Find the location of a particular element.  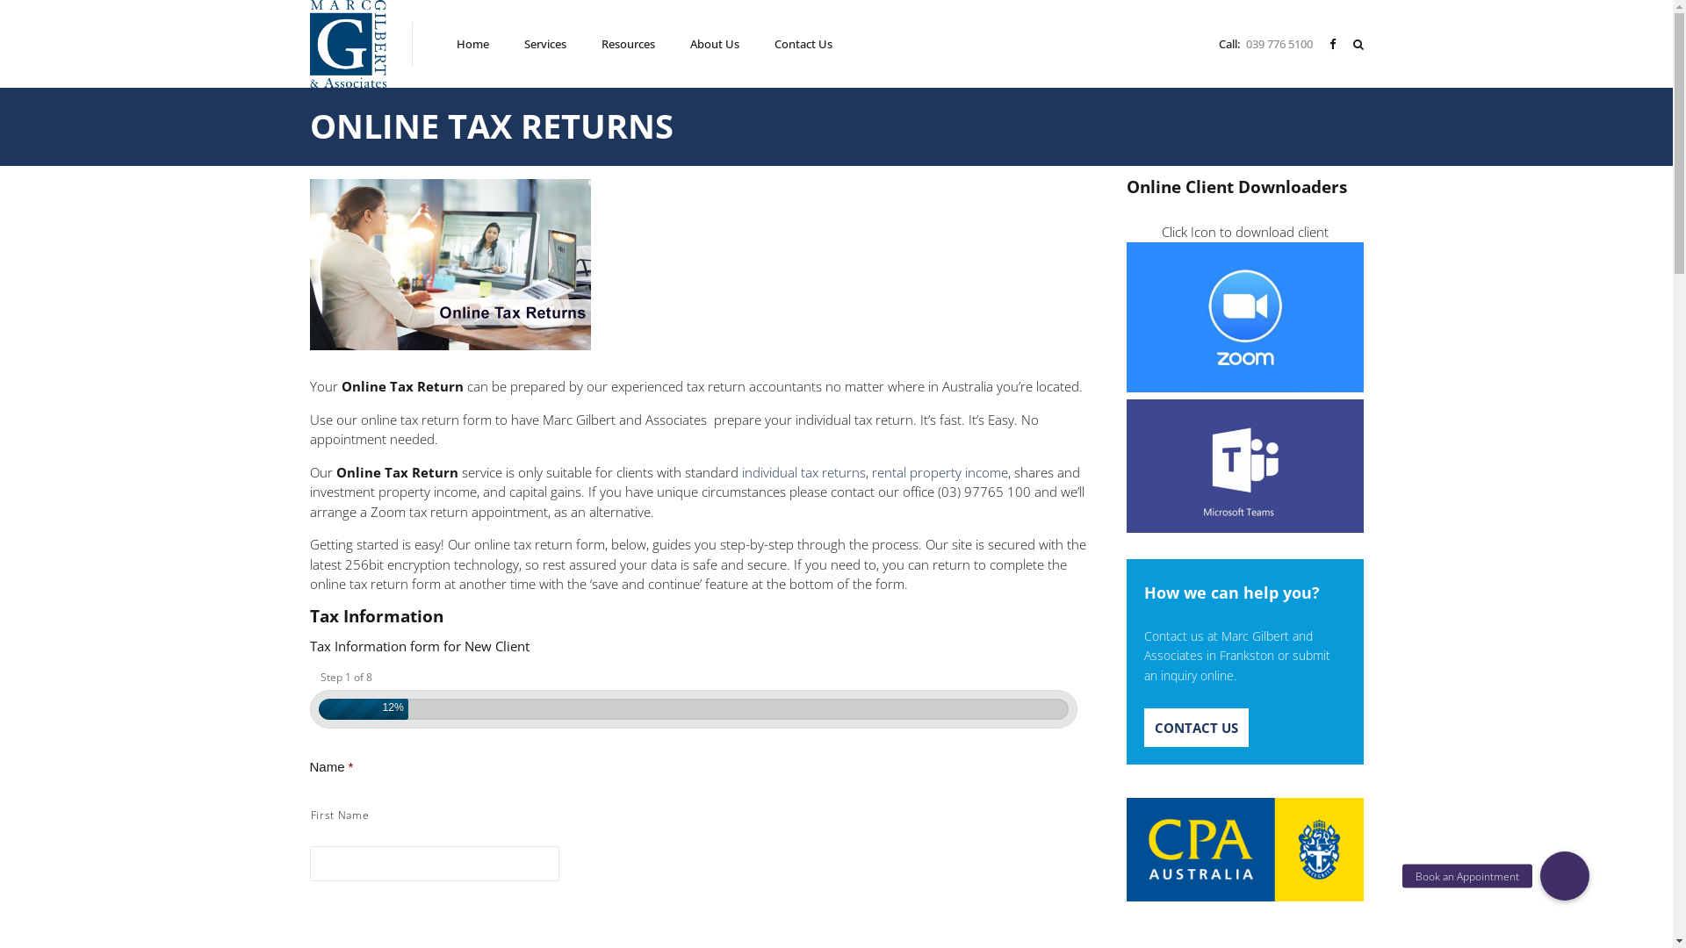

'About Us' is located at coordinates (715, 43).